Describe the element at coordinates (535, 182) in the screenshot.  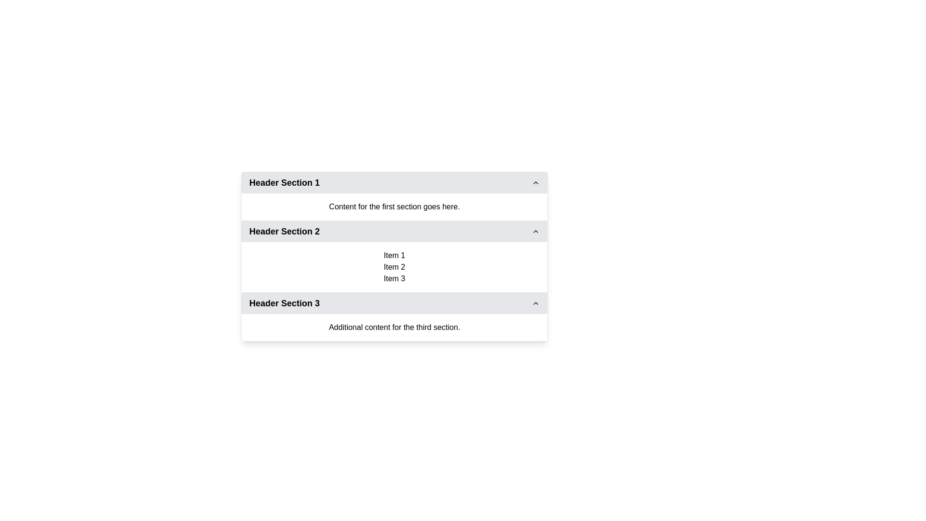
I see `the small, up-pointing chevron icon located at the far right of 'Header Section 1'` at that location.